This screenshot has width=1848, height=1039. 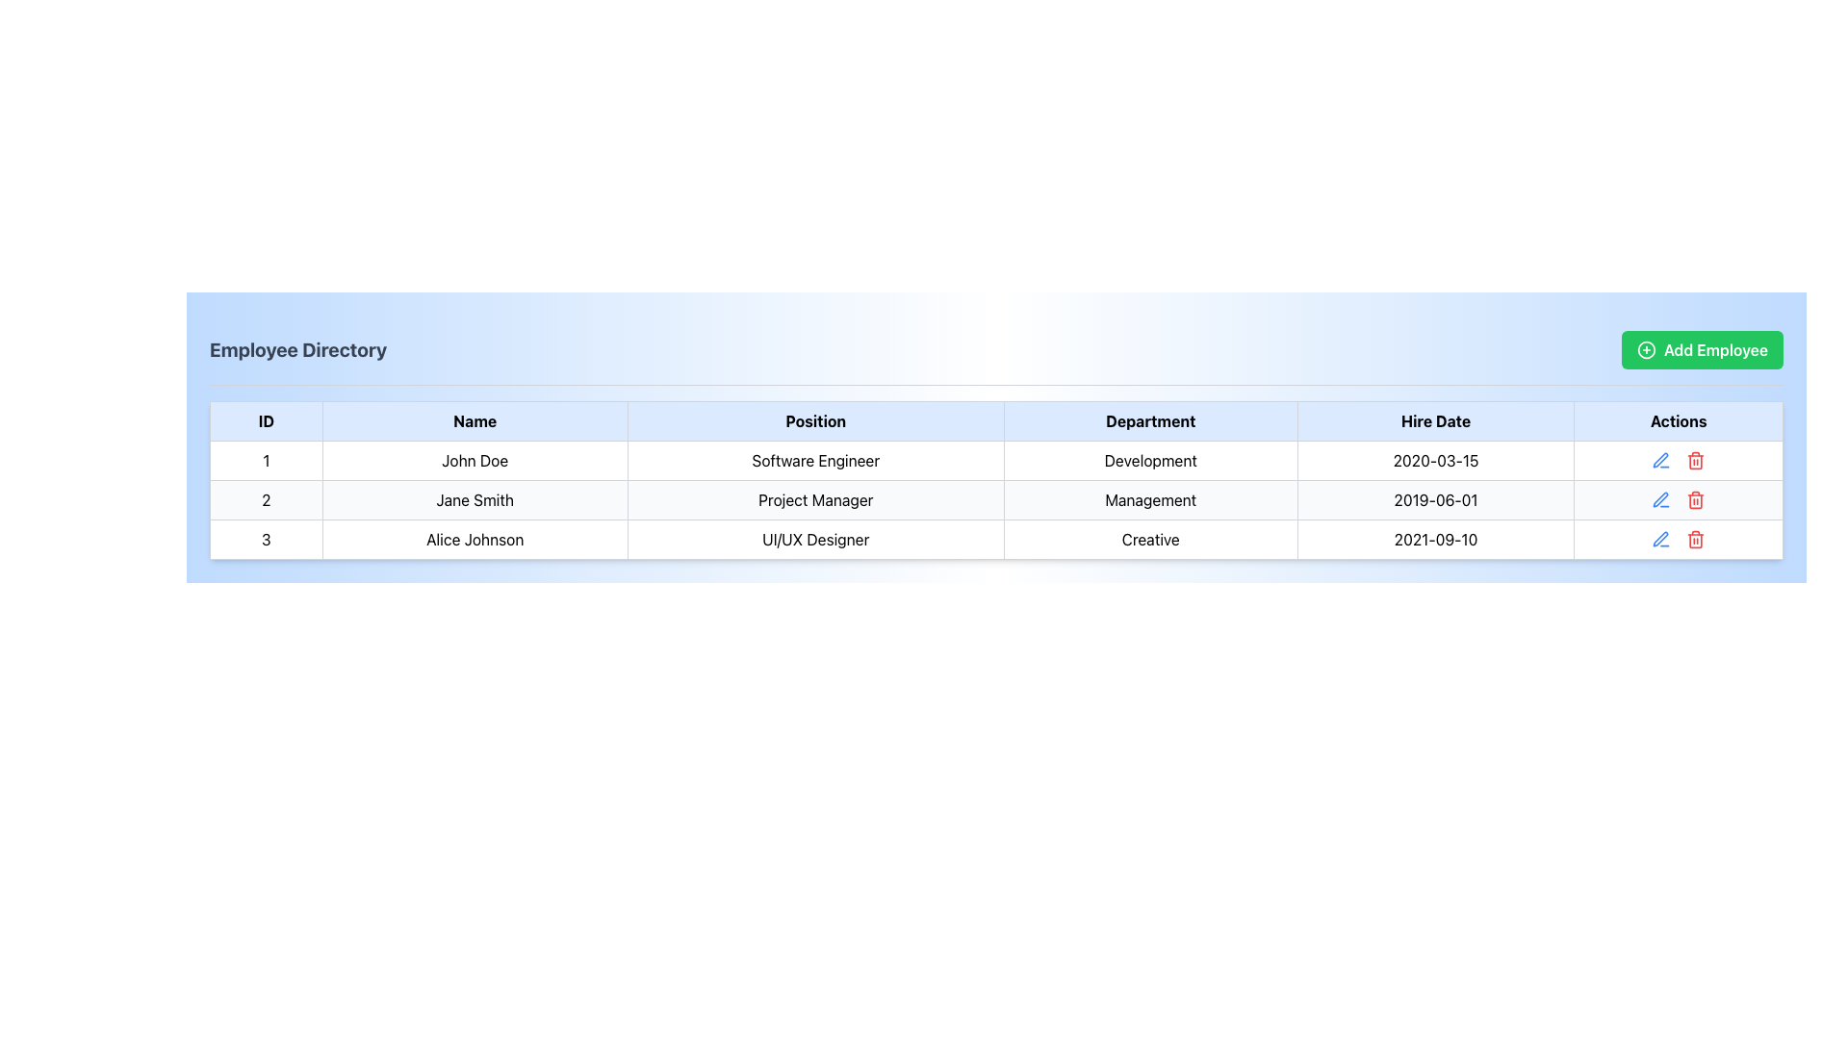 What do you see at coordinates (1645, 349) in the screenshot?
I see `the outer circle of the '+' icon within the green 'Add Employee' button located at the top-right corner of the employee directory interface` at bounding box center [1645, 349].